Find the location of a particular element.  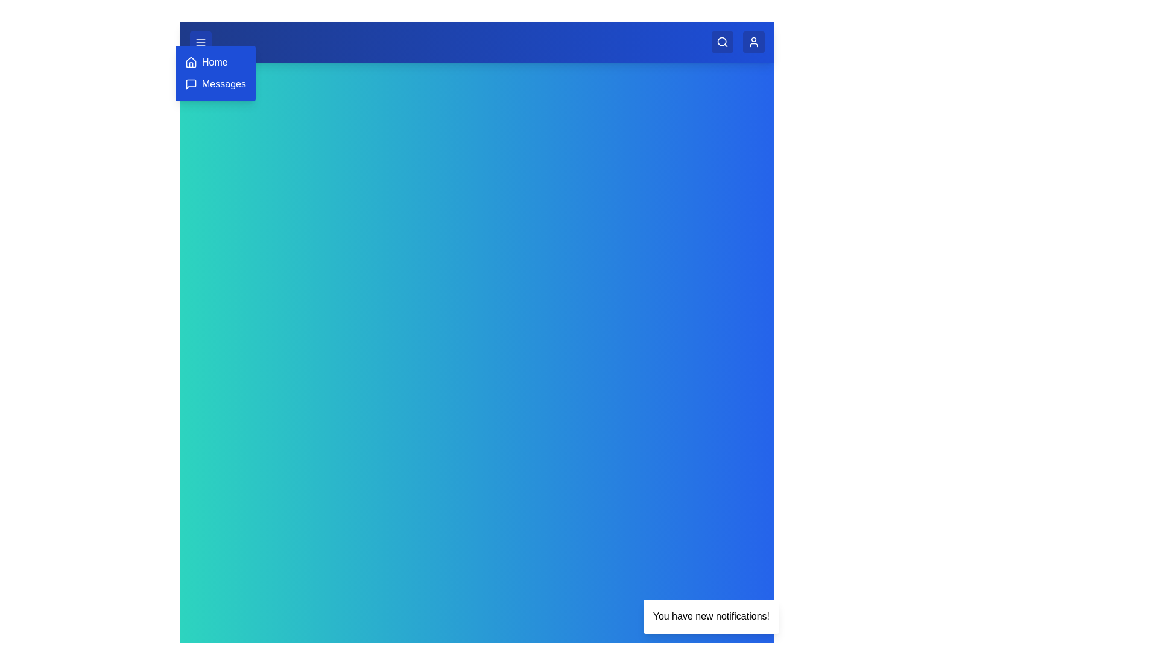

the notification area to dismiss it is located at coordinates (711, 616).